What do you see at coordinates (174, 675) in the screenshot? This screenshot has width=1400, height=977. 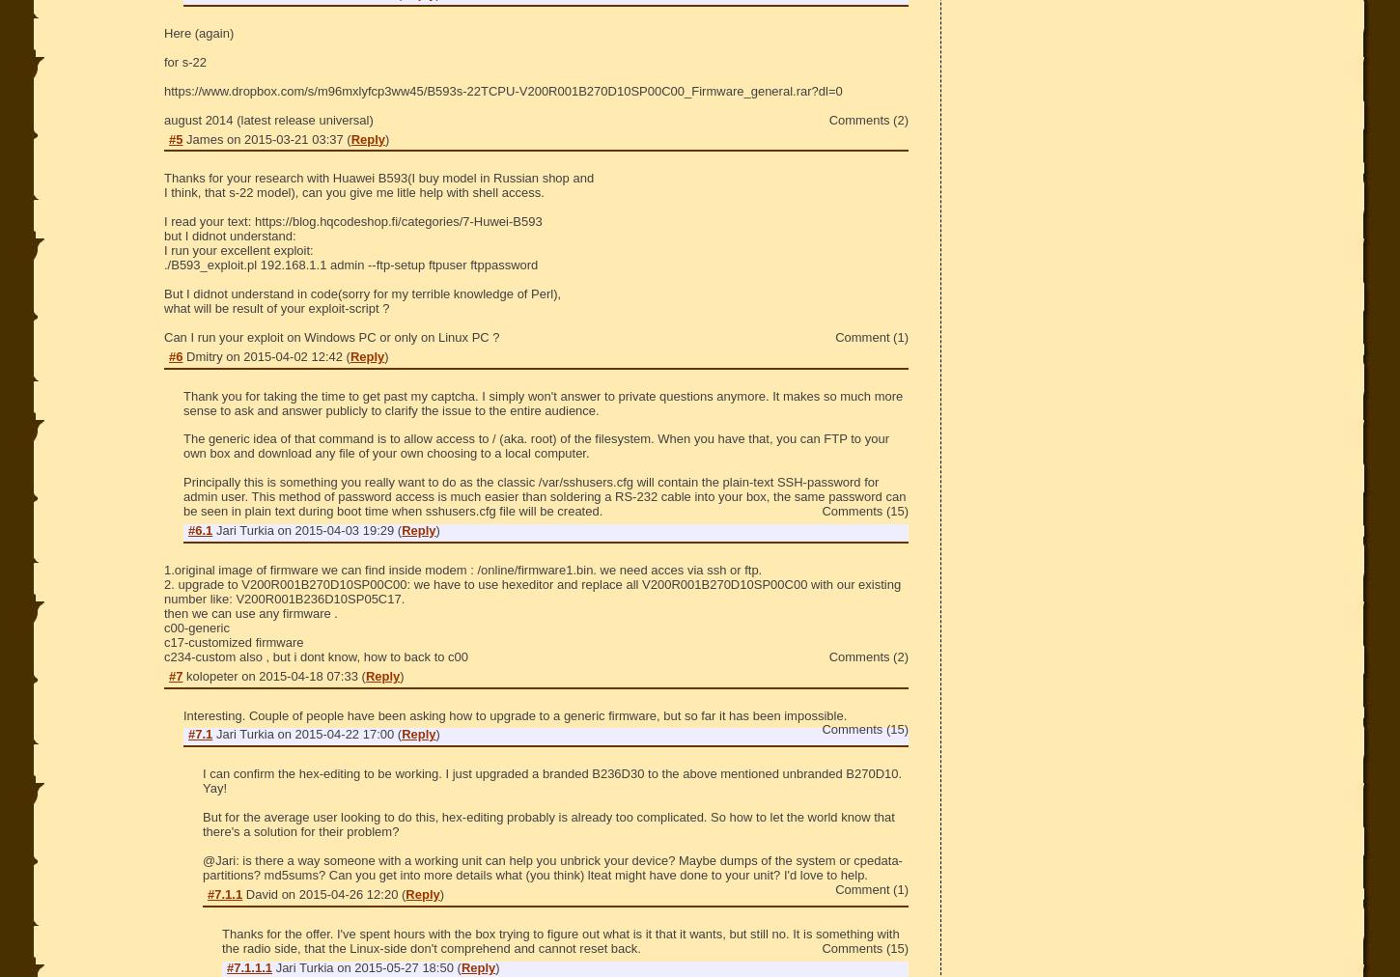 I see `'#7'` at bounding box center [174, 675].